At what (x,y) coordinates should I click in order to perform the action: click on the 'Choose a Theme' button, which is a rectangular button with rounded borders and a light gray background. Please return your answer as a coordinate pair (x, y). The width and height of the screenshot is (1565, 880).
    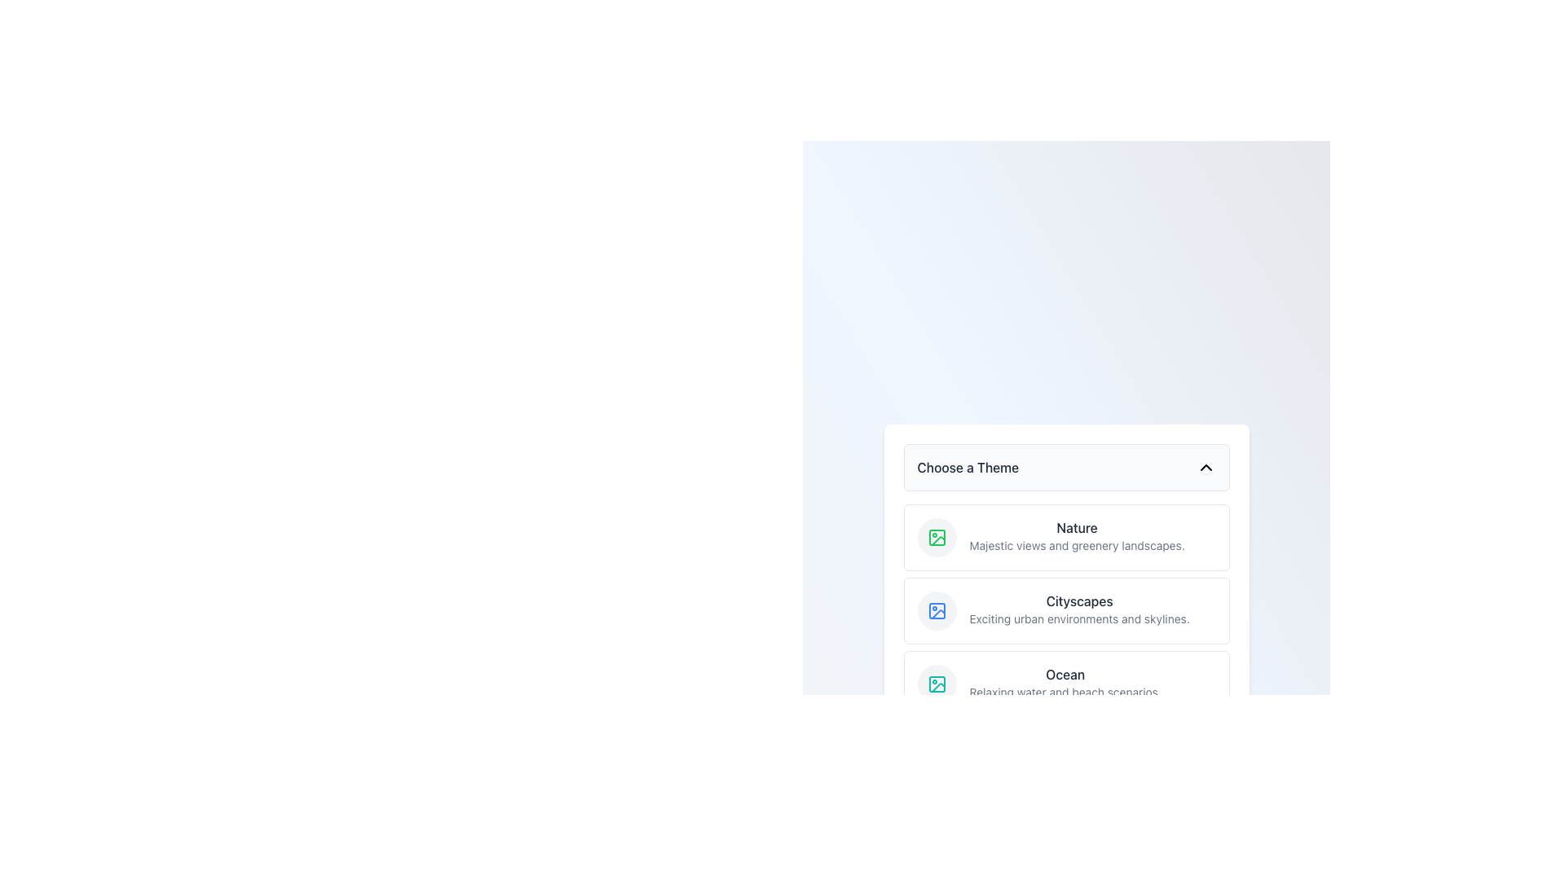
    Looking at the image, I should click on (1066, 468).